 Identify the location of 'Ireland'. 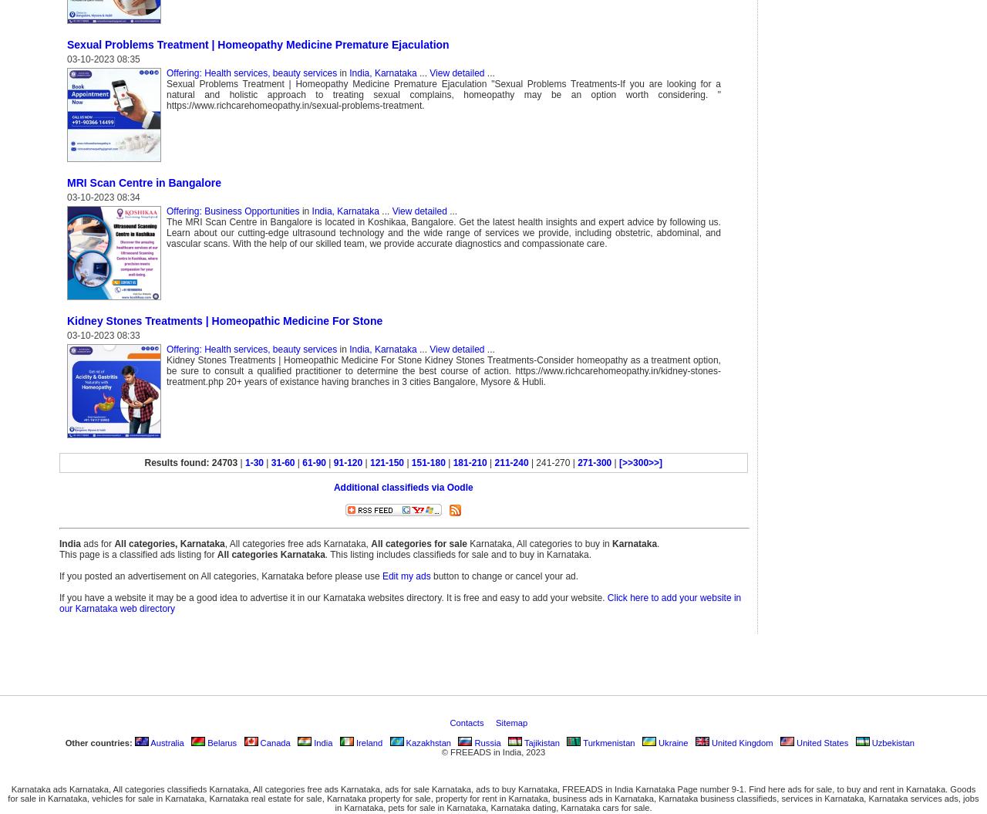
(367, 741).